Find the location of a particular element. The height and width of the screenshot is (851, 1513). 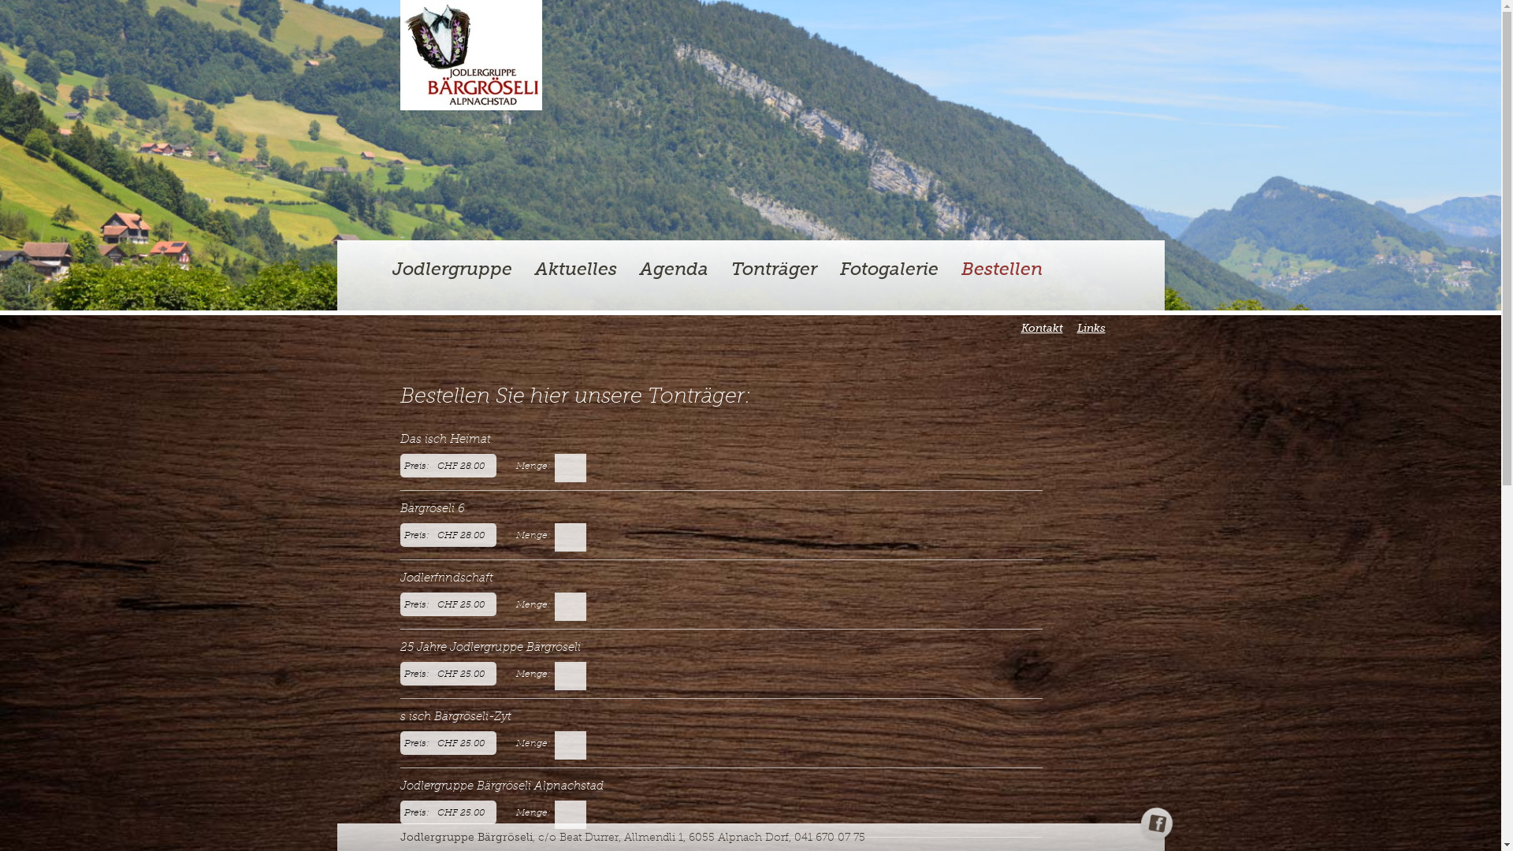

'Fotogalerie' is located at coordinates (889, 268).